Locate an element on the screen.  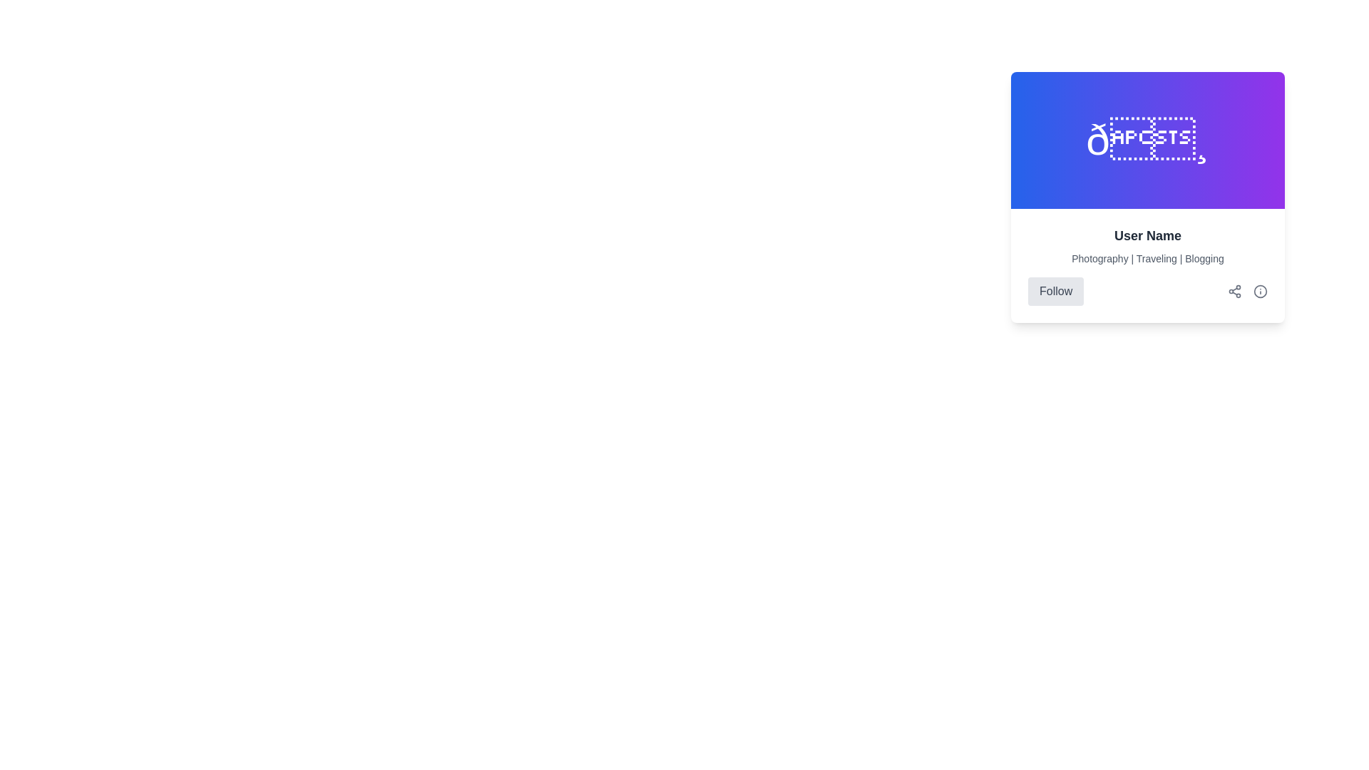
the 'share' icon located in the horizontal icon group at the bottom right of the user card, next to the 'Follow' button is located at coordinates (1247, 290).